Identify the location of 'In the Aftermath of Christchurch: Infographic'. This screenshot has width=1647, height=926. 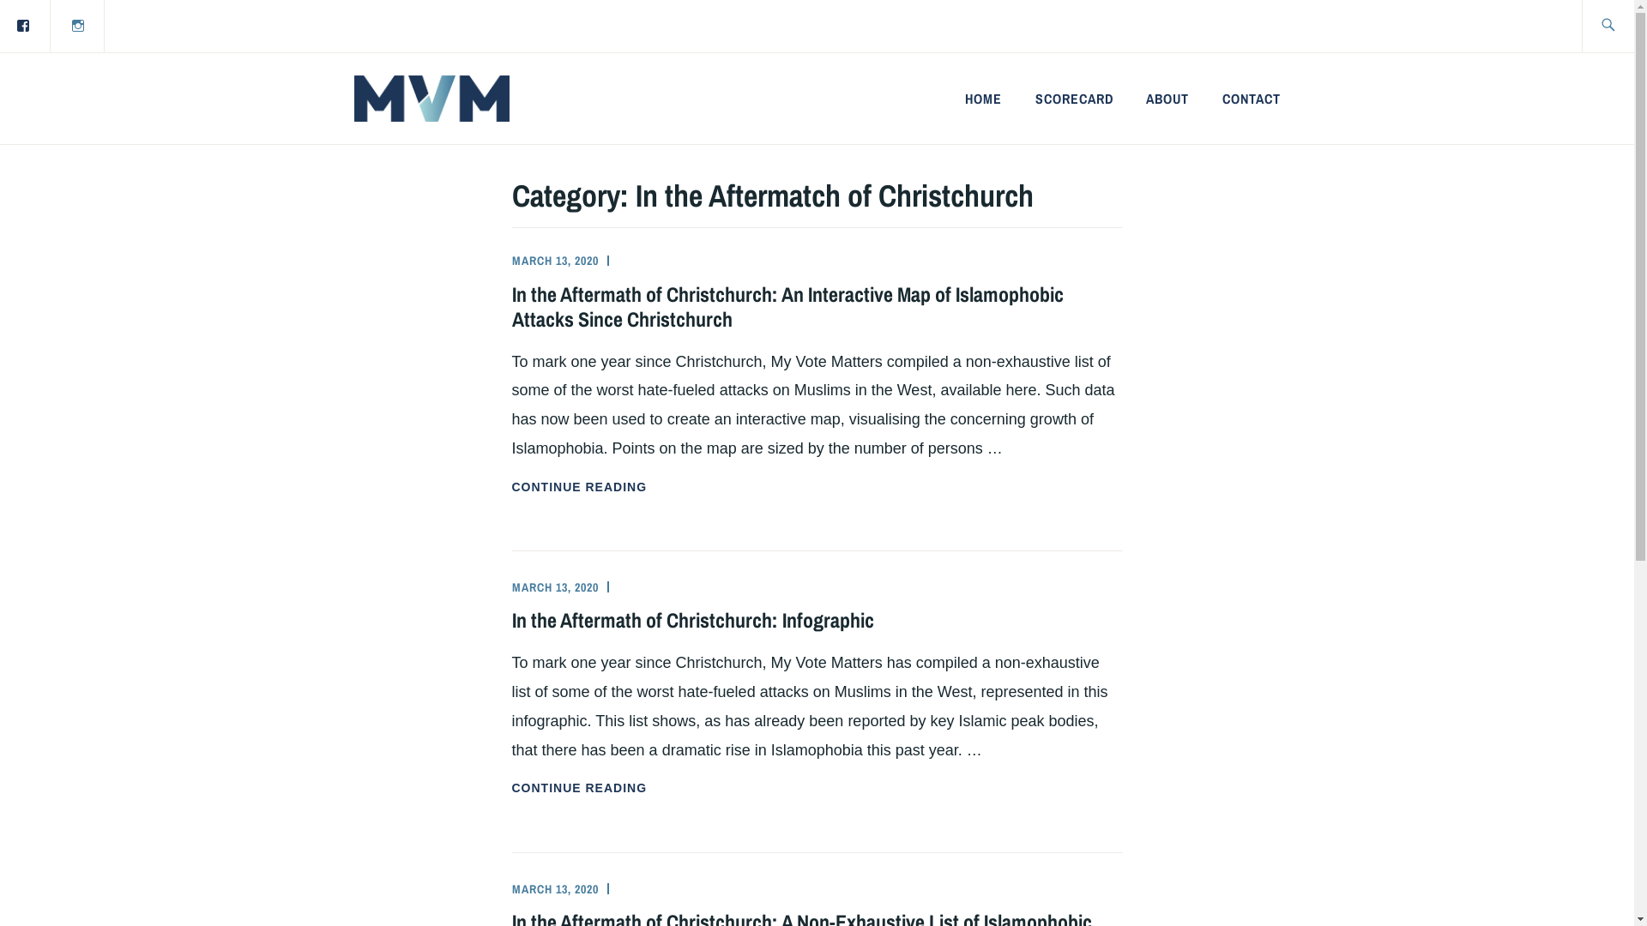
(691, 619).